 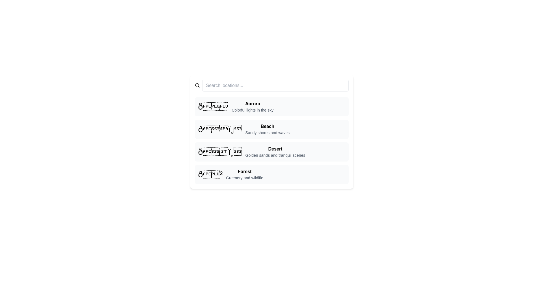 I want to click on the text label displaying 'Colorful lights in the sky', which is styled in a smaller font size and gray color, positioned directly below the title 'Aurora', so click(x=252, y=110).